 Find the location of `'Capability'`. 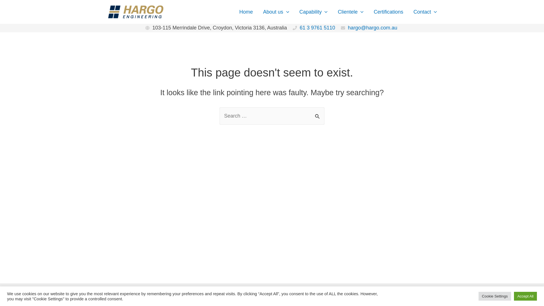

'Capability' is located at coordinates (313, 12).